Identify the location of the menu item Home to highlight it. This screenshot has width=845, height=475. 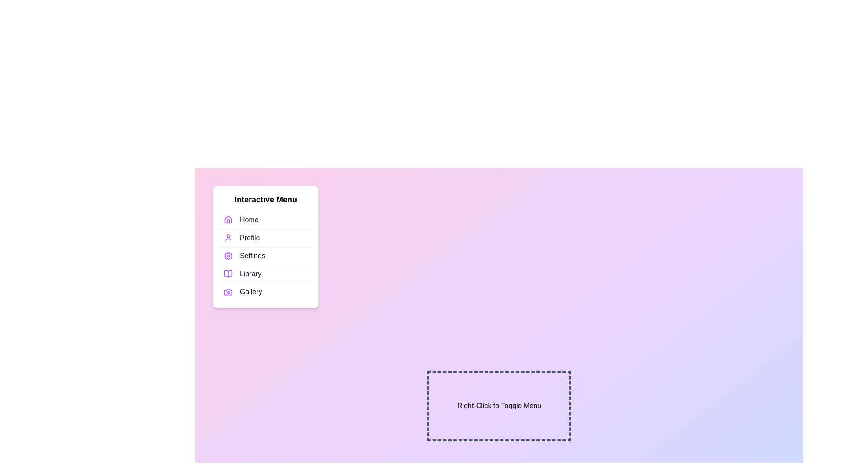
(265, 219).